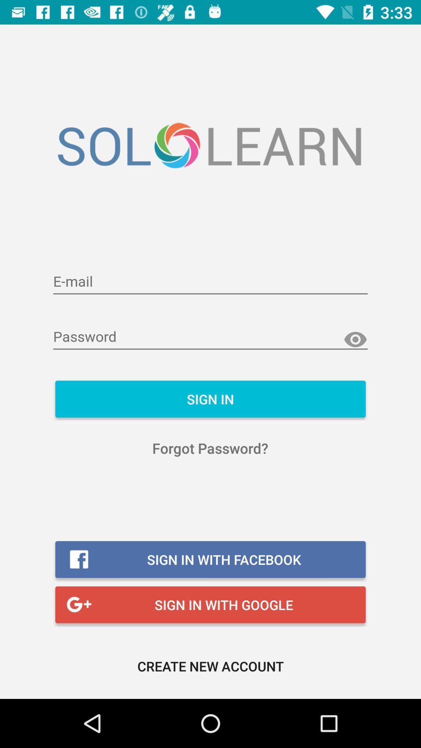 Image resolution: width=421 pixels, height=748 pixels. Describe the element at coordinates (210, 448) in the screenshot. I see `item below the sign in` at that location.